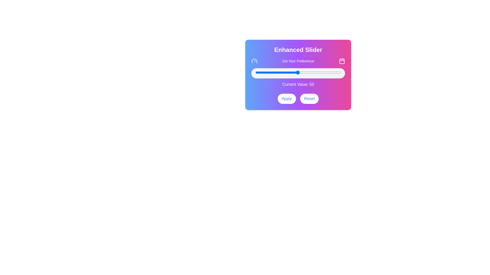 Image resolution: width=490 pixels, height=275 pixels. What do you see at coordinates (333, 73) in the screenshot?
I see `the slider value` at bounding box center [333, 73].